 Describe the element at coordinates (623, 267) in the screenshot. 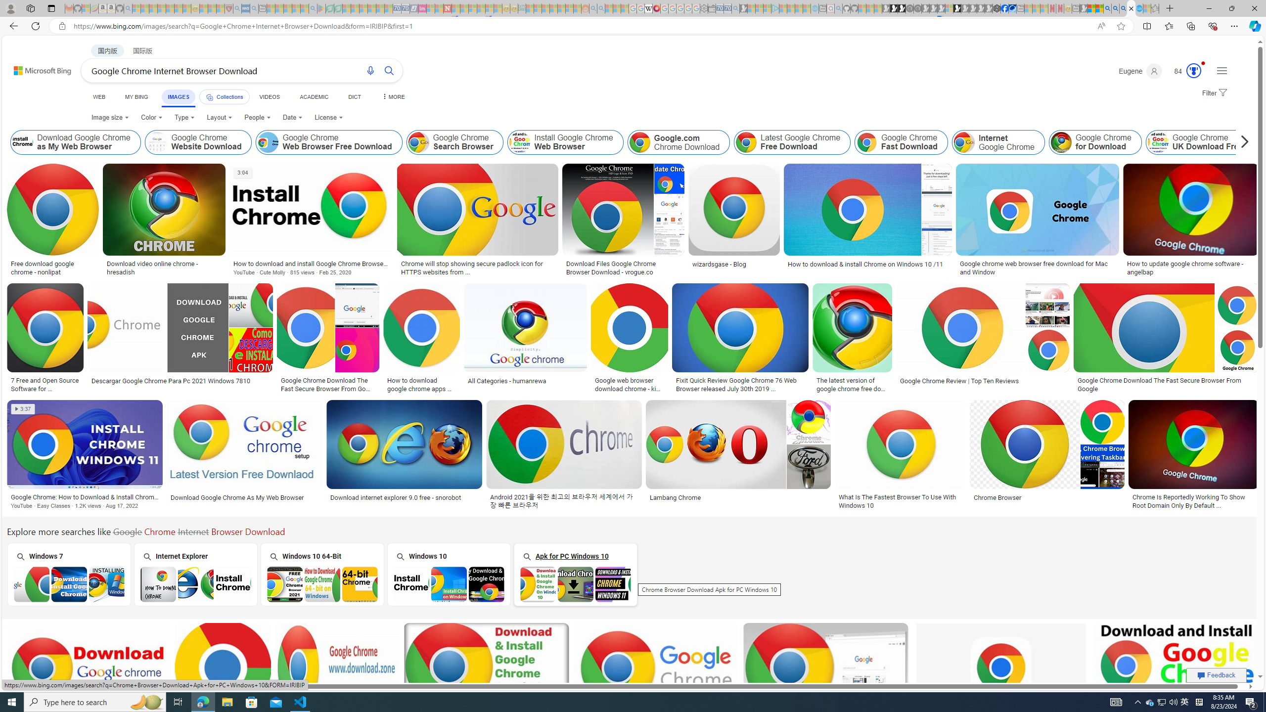

I see `'Download Files Google Chrome Browser Download - vrogue.co'` at that location.